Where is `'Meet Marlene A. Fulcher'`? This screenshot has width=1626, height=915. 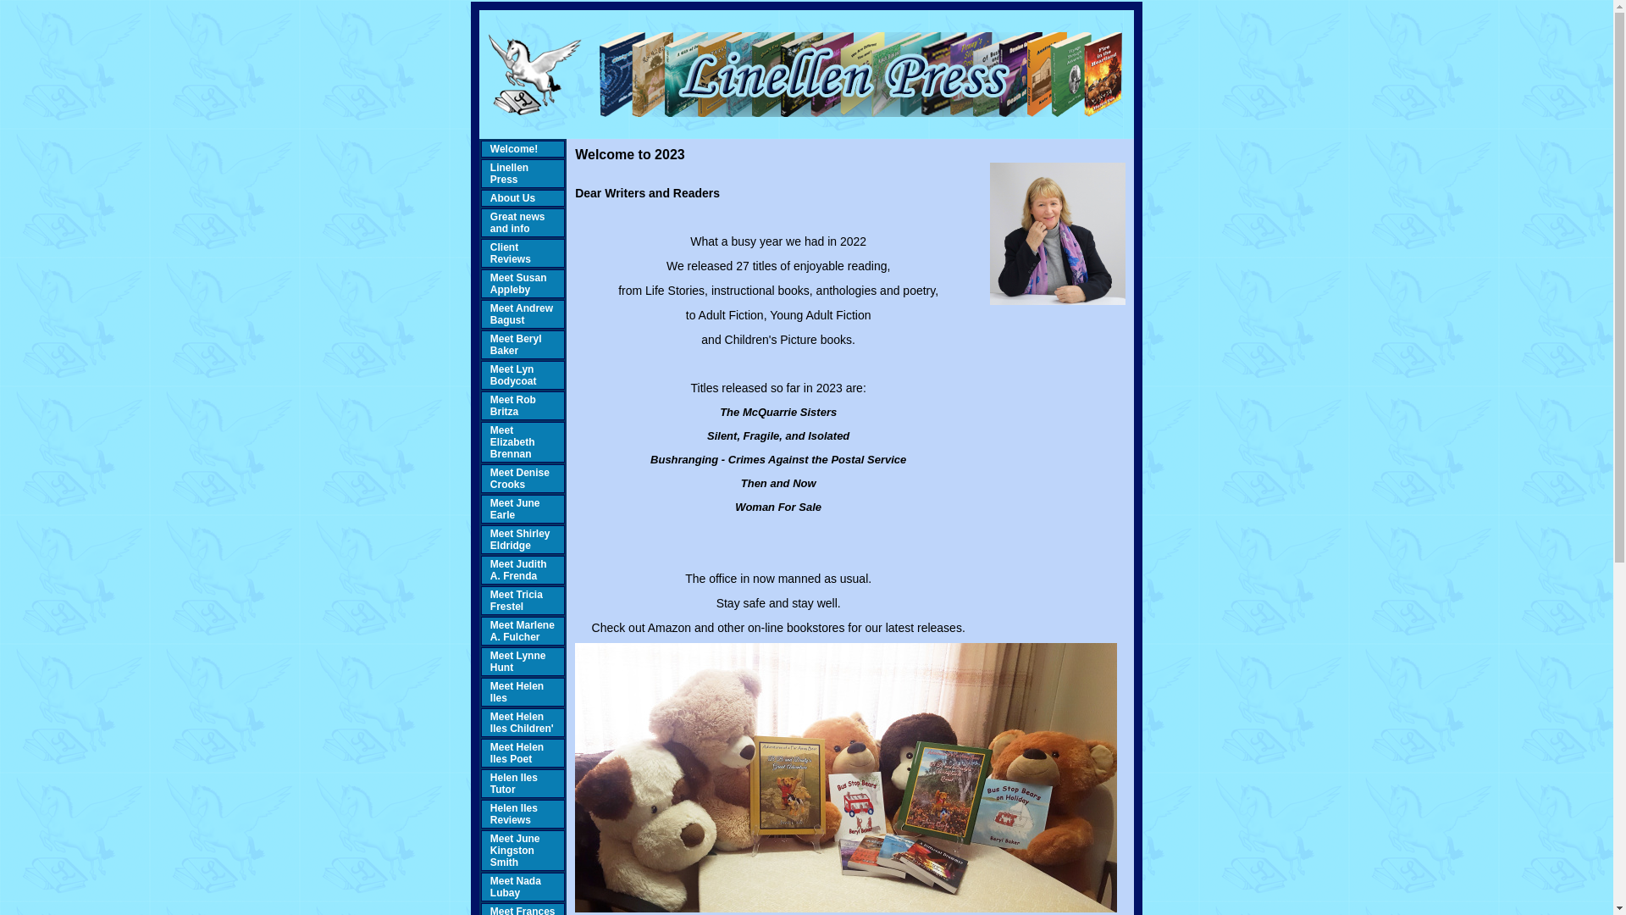
'Meet Marlene A. Fulcher' is located at coordinates (522, 630).